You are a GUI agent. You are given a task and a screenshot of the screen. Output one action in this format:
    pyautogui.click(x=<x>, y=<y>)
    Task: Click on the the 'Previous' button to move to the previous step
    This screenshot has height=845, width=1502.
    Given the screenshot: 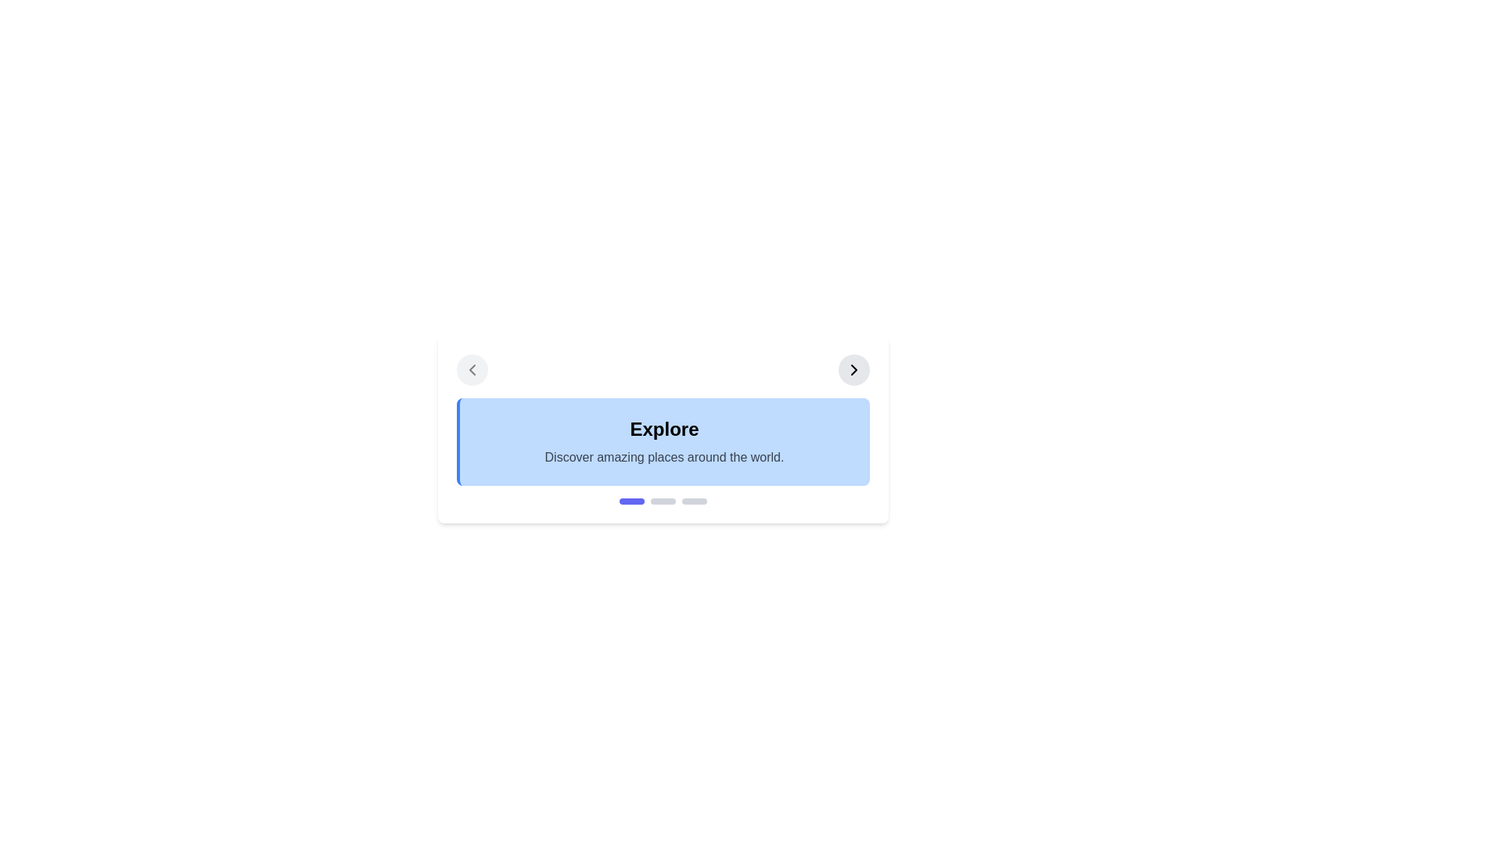 What is the action you would take?
    pyautogui.click(x=471, y=370)
    